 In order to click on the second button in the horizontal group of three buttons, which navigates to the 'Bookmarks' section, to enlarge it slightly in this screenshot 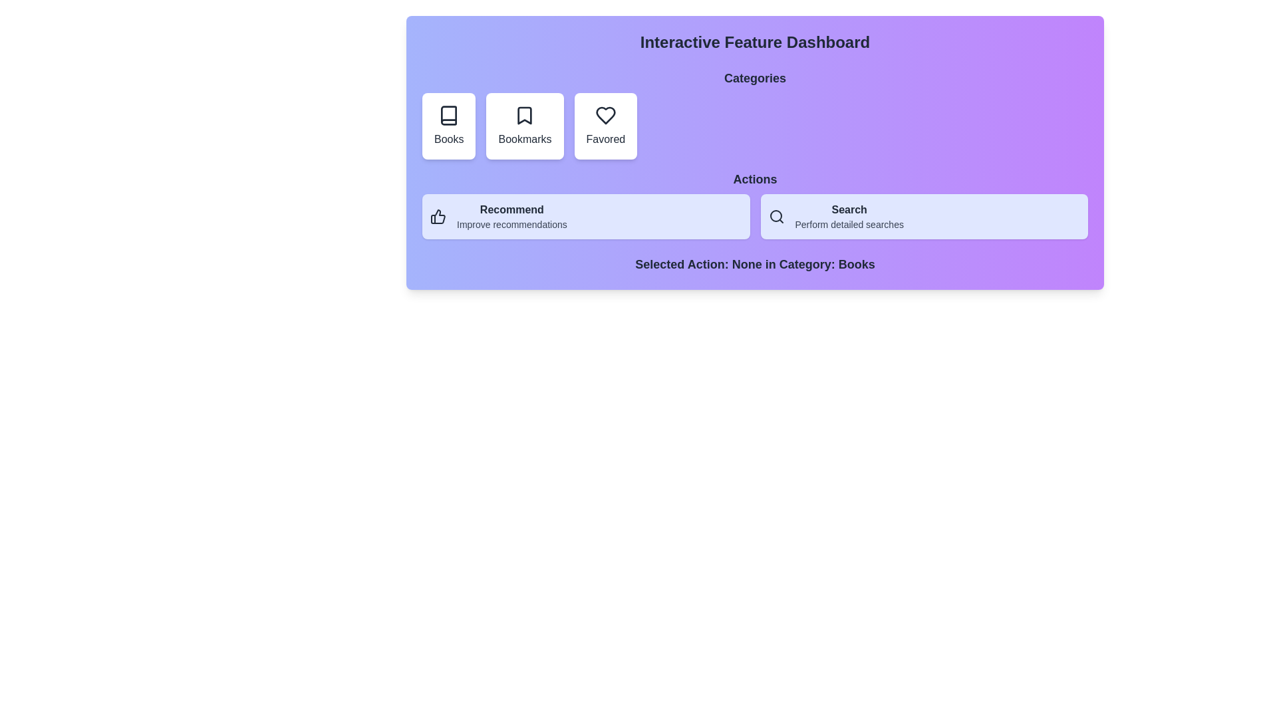, I will do `click(524, 126)`.